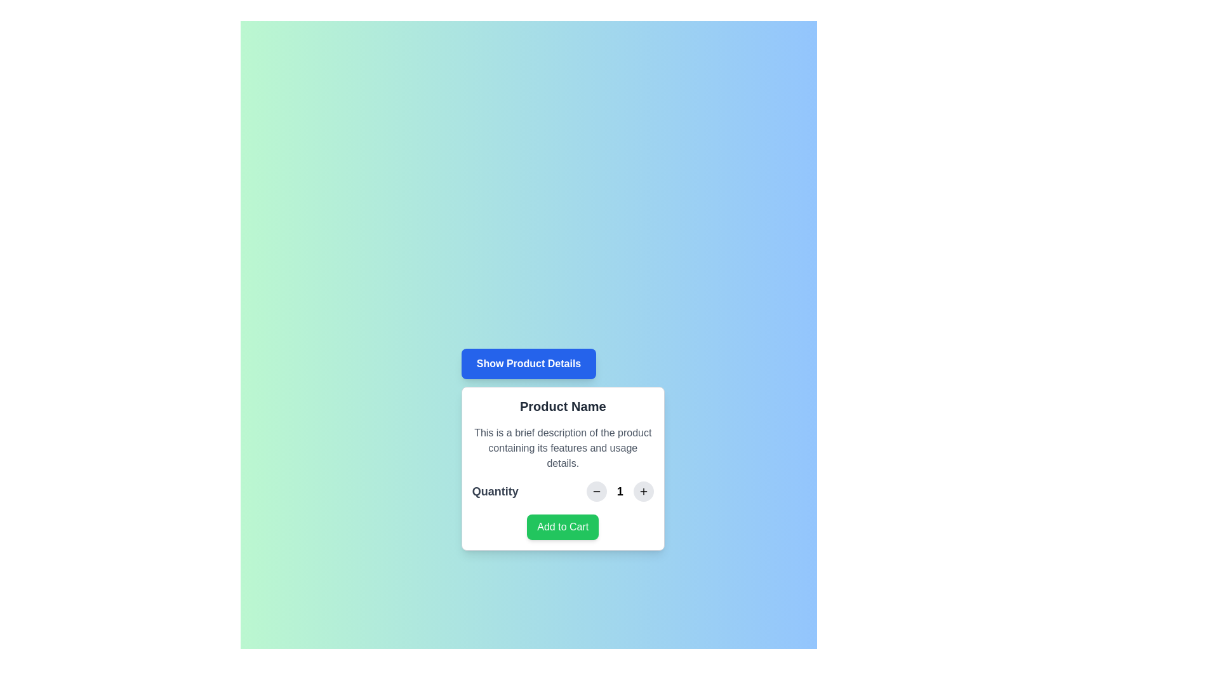 The height and width of the screenshot is (686, 1219). I want to click on the decrement button of the Quantity selector located inside the modal displaying product details to decrease the quantity, so click(562, 491).